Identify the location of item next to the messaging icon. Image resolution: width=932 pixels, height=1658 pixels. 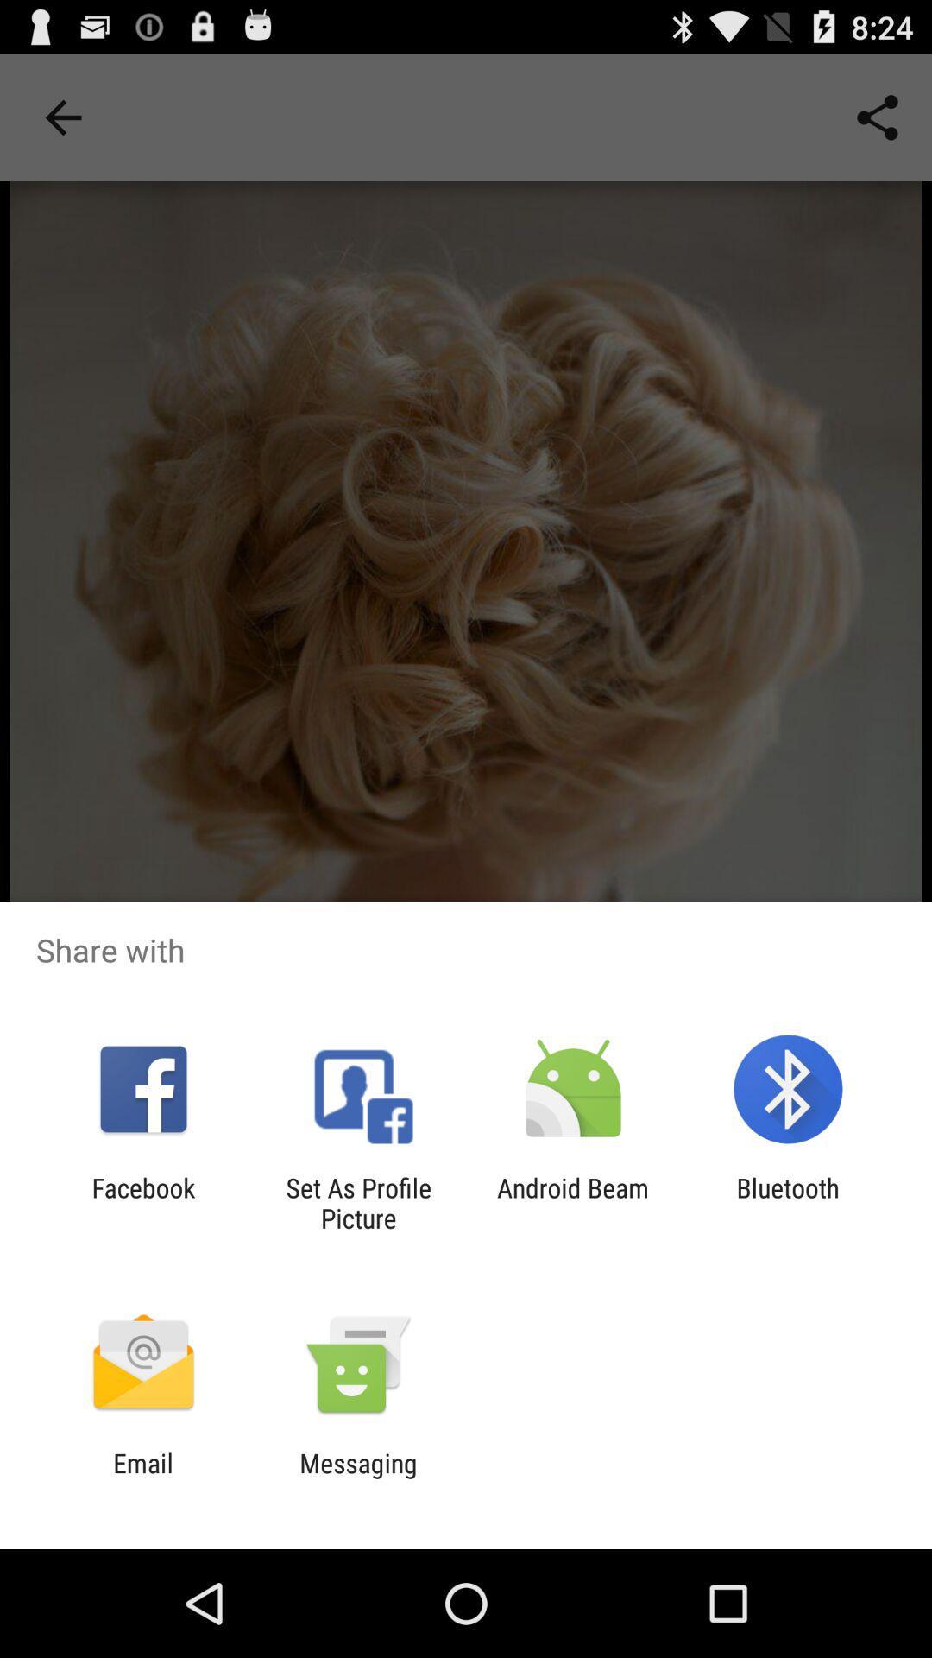
(142, 1478).